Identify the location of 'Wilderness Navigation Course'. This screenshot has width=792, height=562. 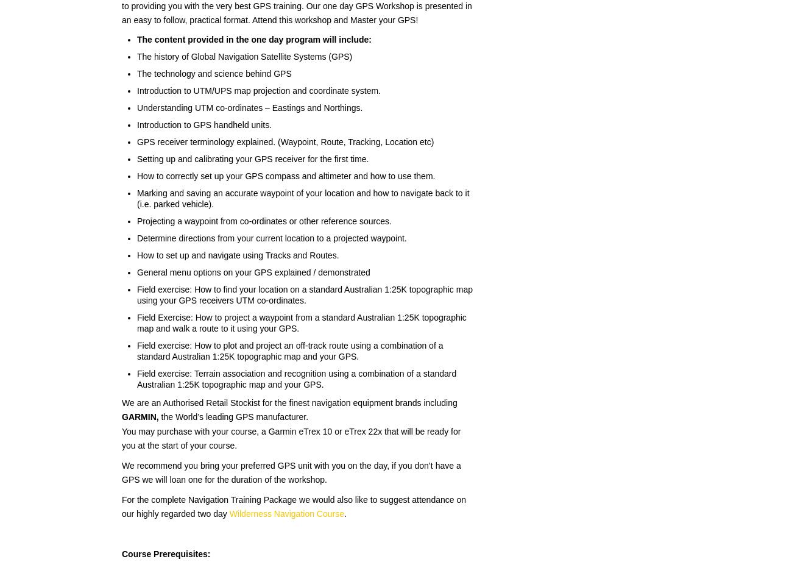
(285, 513).